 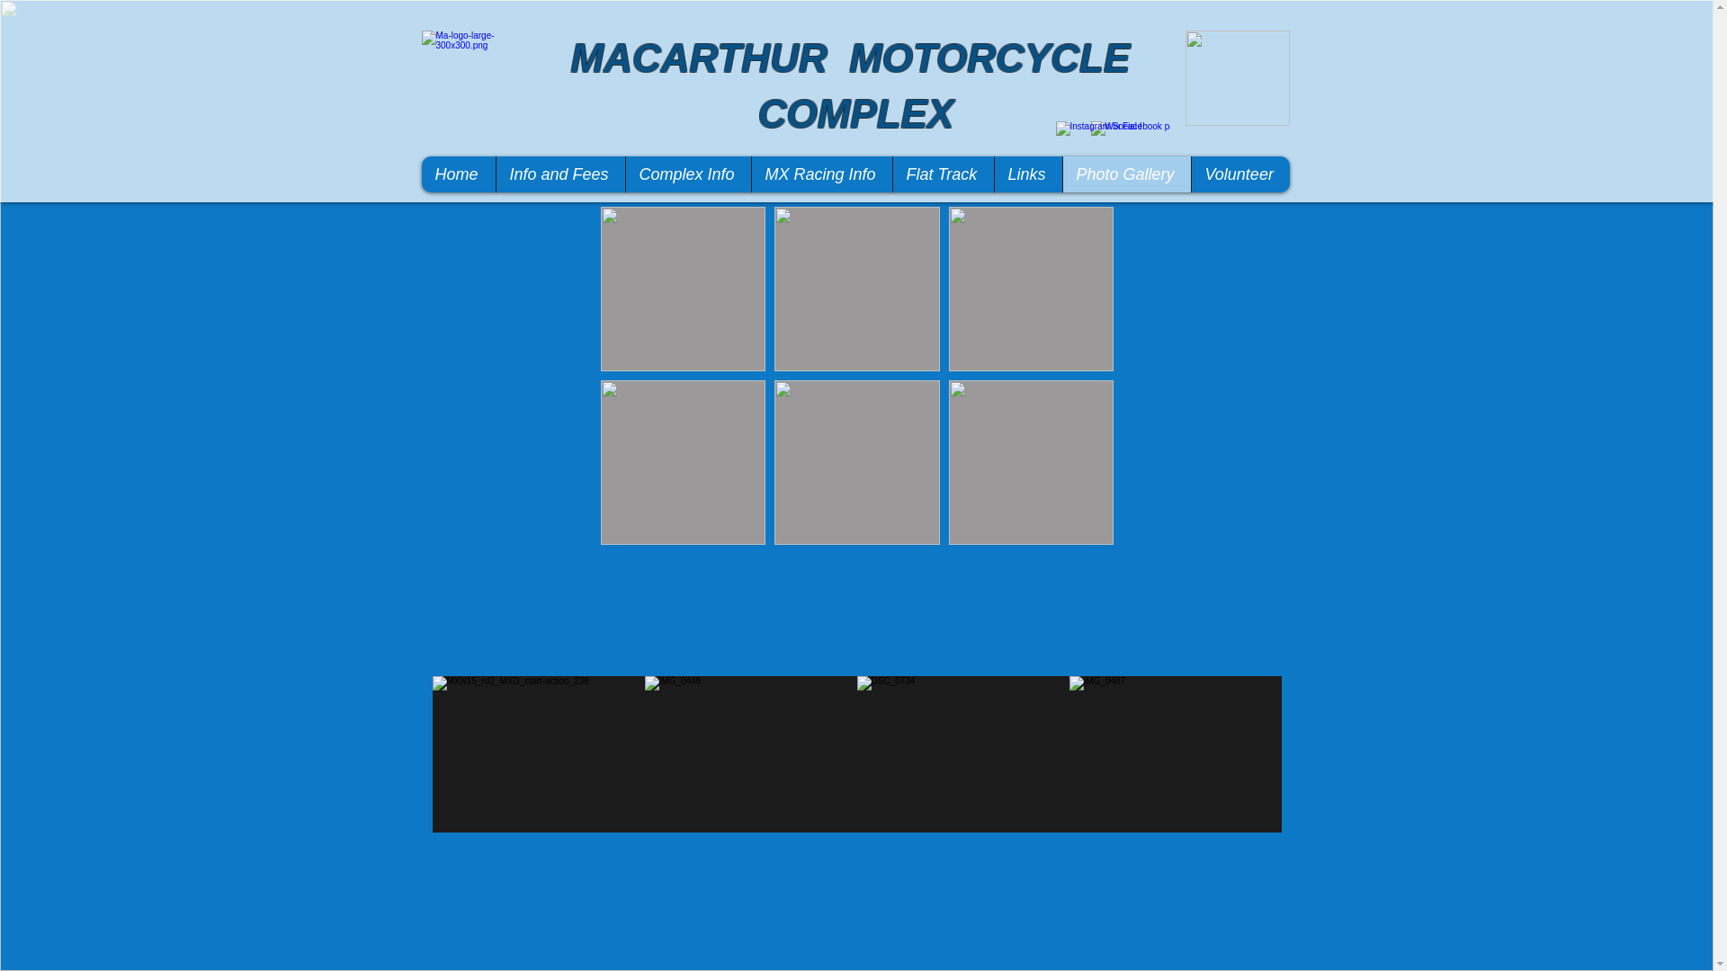 I want to click on 'Flat Track', so click(x=942, y=174).